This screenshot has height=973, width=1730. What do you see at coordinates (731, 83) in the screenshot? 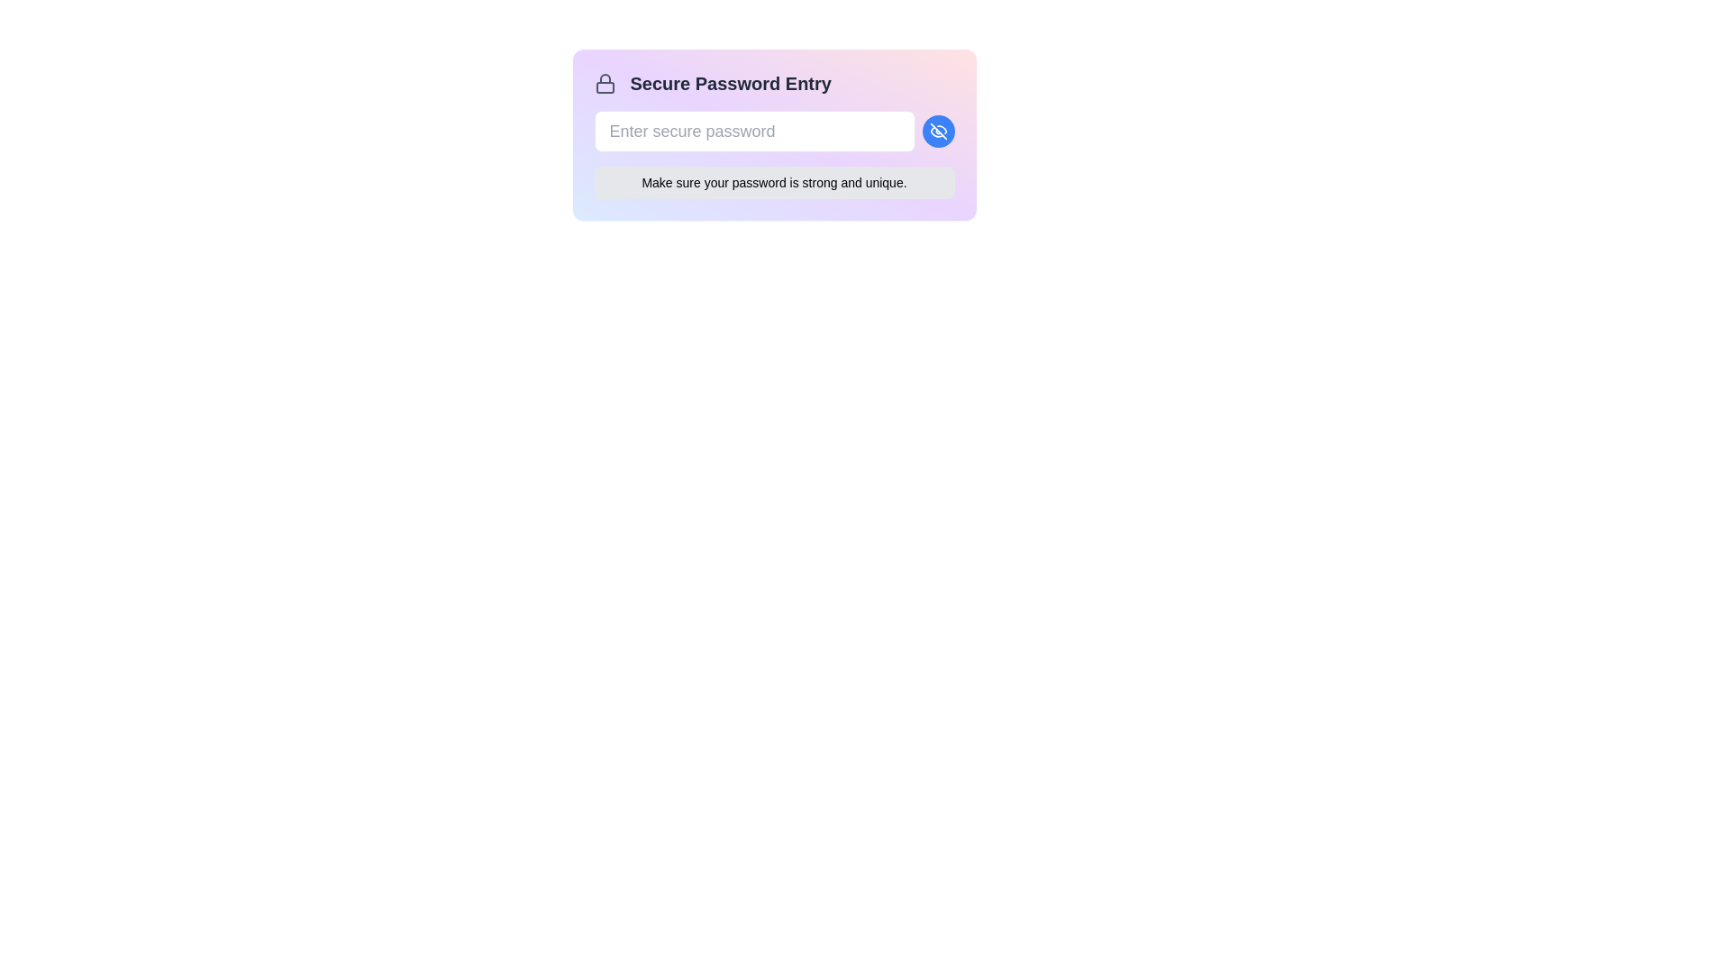
I see `the text element displaying 'Secure Password Entry', which is styled in bold, large, deep gray font, located at the top portion of the login form interface` at bounding box center [731, 83].